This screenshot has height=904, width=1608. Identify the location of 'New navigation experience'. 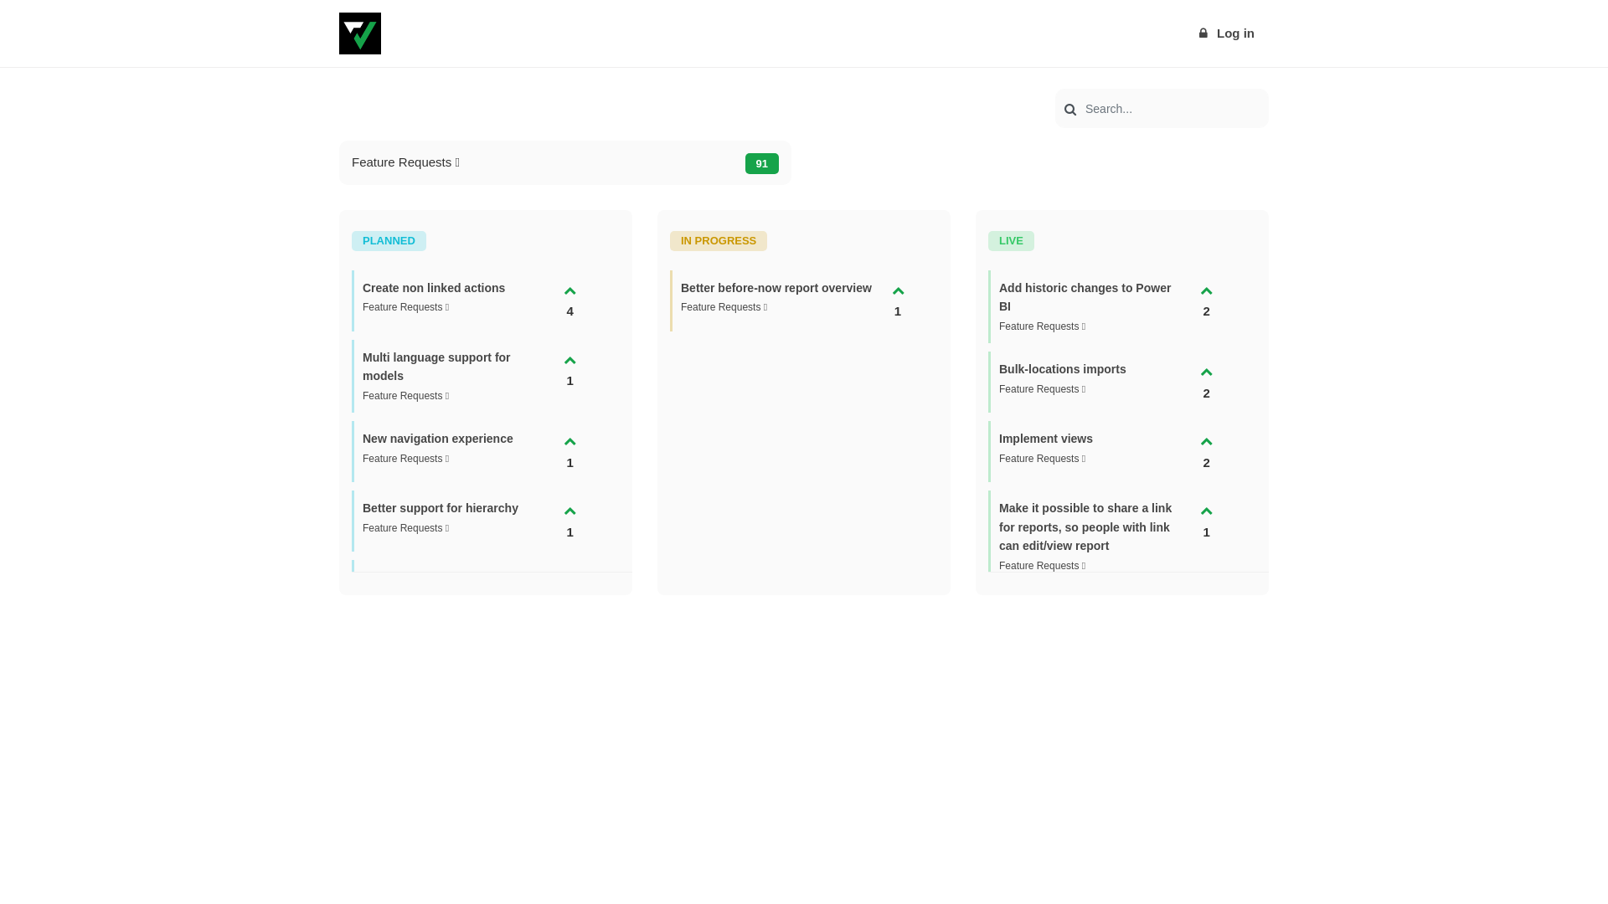
(438, 438).